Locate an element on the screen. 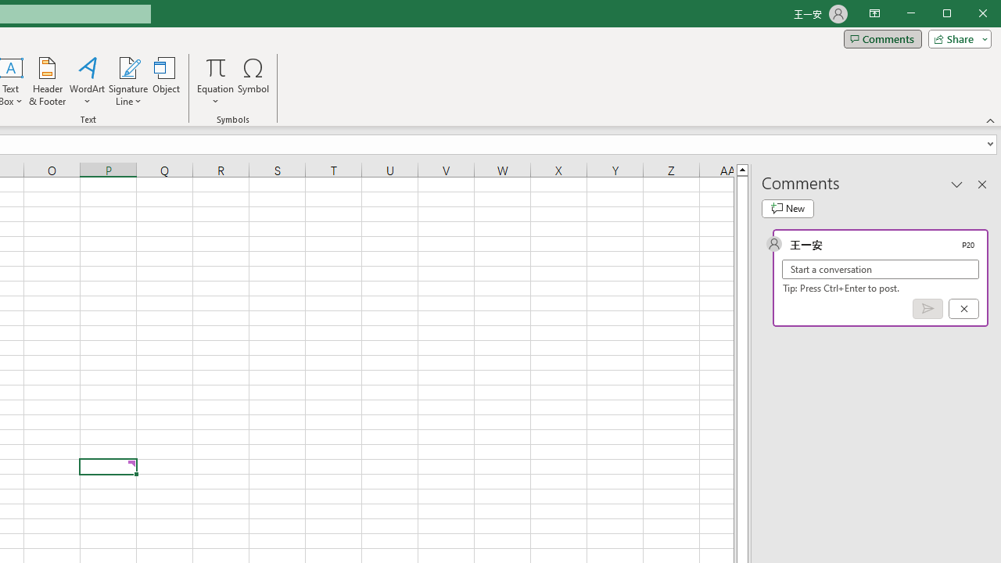 This screenshot has height=563, width=1001. 'Ribbon Display Options' is located at coordinates (874, 14).